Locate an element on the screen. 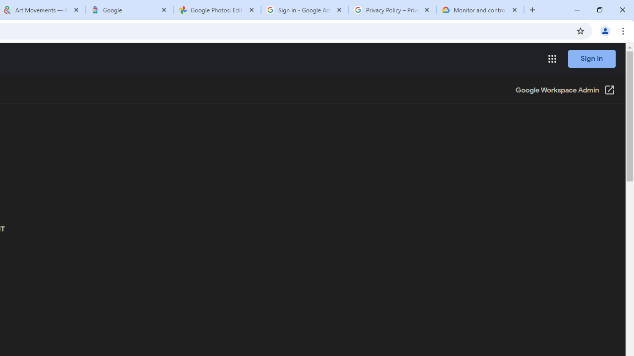 This screenshot has height=356, width=634. 'Google' is located at coordinates (129, 10).